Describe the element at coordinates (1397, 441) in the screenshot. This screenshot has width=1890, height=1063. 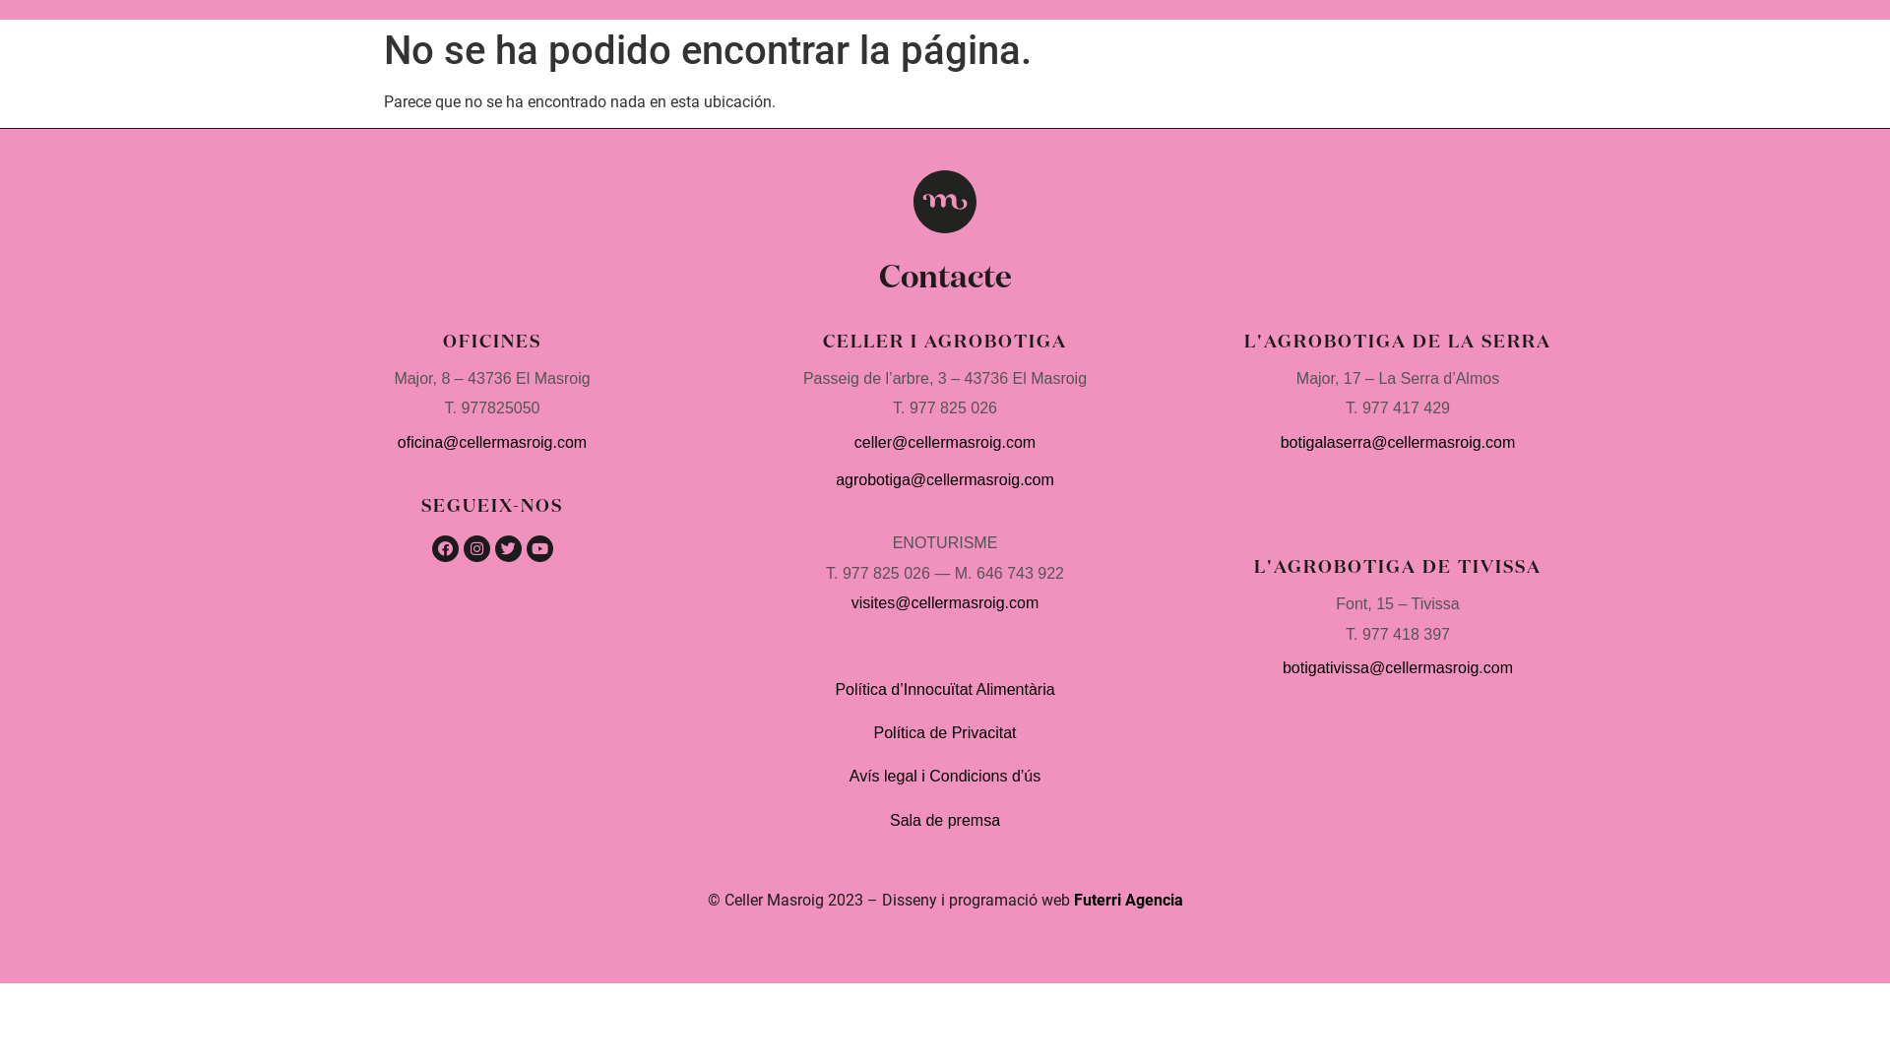
I see `'botigalaserra@cellermasroig.com'` at that location.